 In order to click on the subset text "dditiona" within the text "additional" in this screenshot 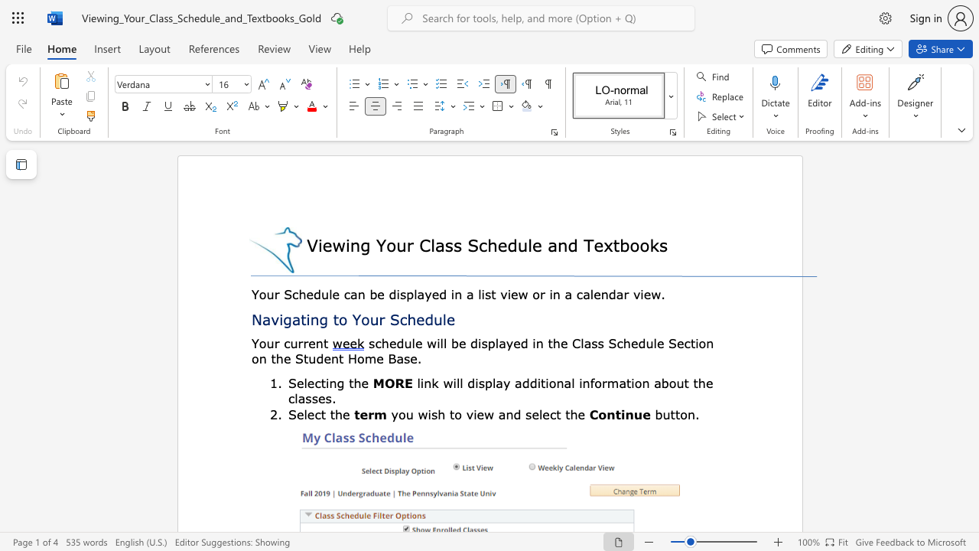, I will do `click(522, 382)`.